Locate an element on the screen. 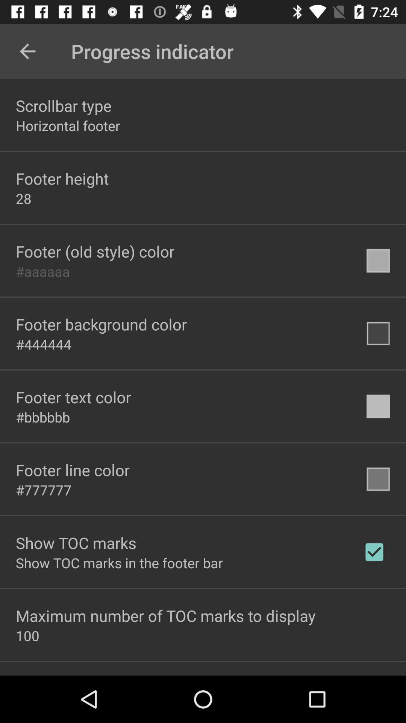 The image size is (406, 723). the item below the footer line color item is located at coordinates (44, 490).